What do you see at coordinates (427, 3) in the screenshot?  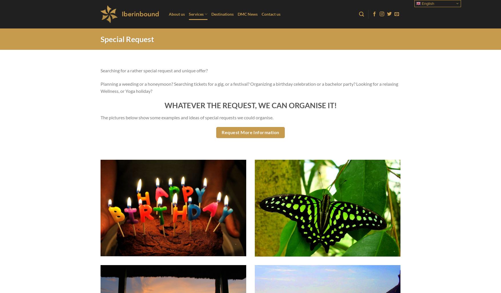 I see `'English'` at bounding box center [427, 3].